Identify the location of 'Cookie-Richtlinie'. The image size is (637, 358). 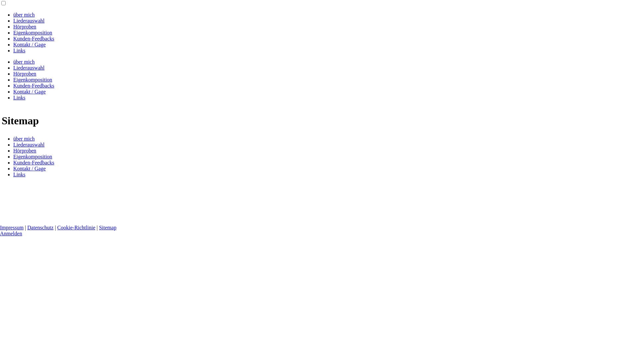
(76, 227).